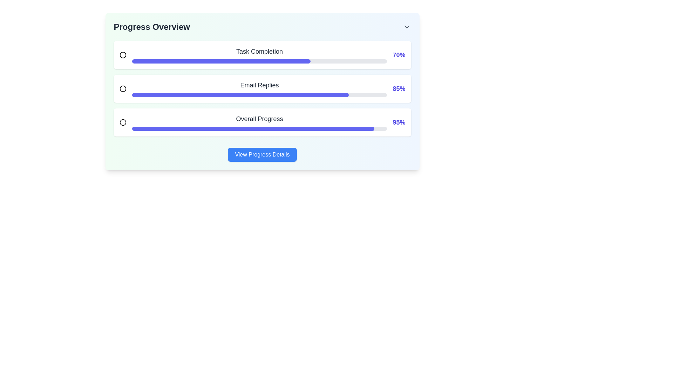  Describe the element at coordinates (259, 95) in the screenshot. I see `the second progress bar in the 'Progress Overview' section that indicates the completion percentage of 'Email Replies'` at that location.